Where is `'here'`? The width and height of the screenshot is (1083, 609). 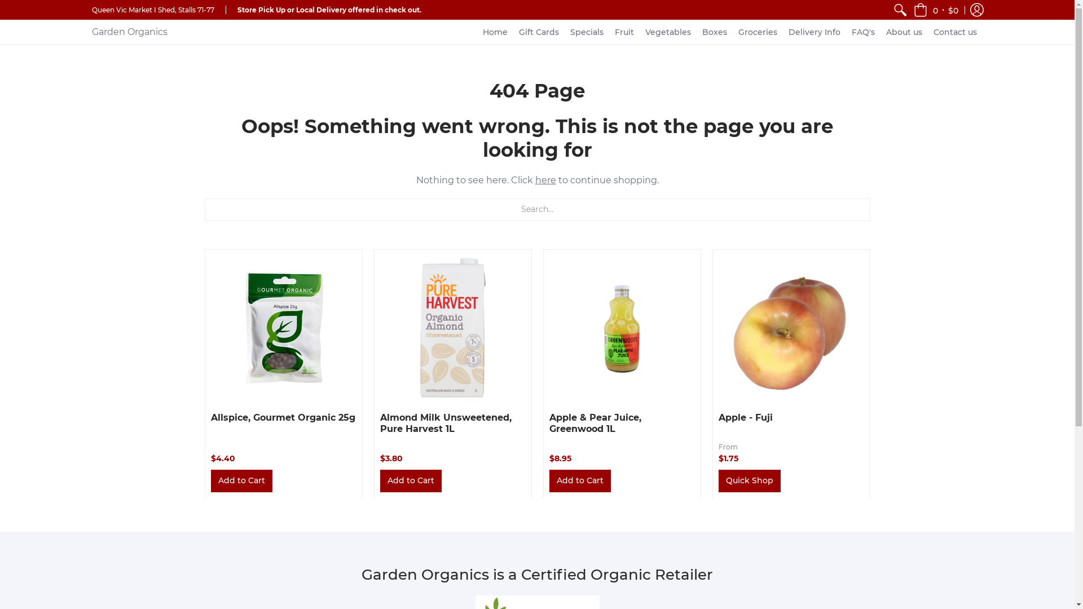 'here' is located at coordinates (545, 179).